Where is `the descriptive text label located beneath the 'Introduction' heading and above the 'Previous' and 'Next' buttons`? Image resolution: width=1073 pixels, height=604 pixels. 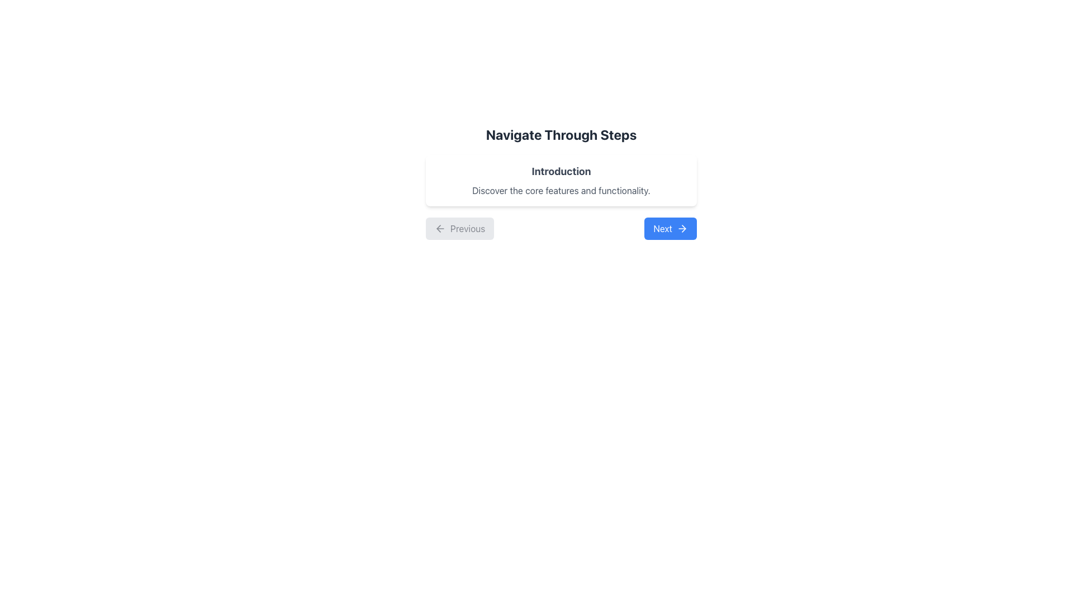 the descriptive text label located beneath the 'Introduction' heading and above the 'Previous' and 'Next' buttons is located at coordinates (561, 190).